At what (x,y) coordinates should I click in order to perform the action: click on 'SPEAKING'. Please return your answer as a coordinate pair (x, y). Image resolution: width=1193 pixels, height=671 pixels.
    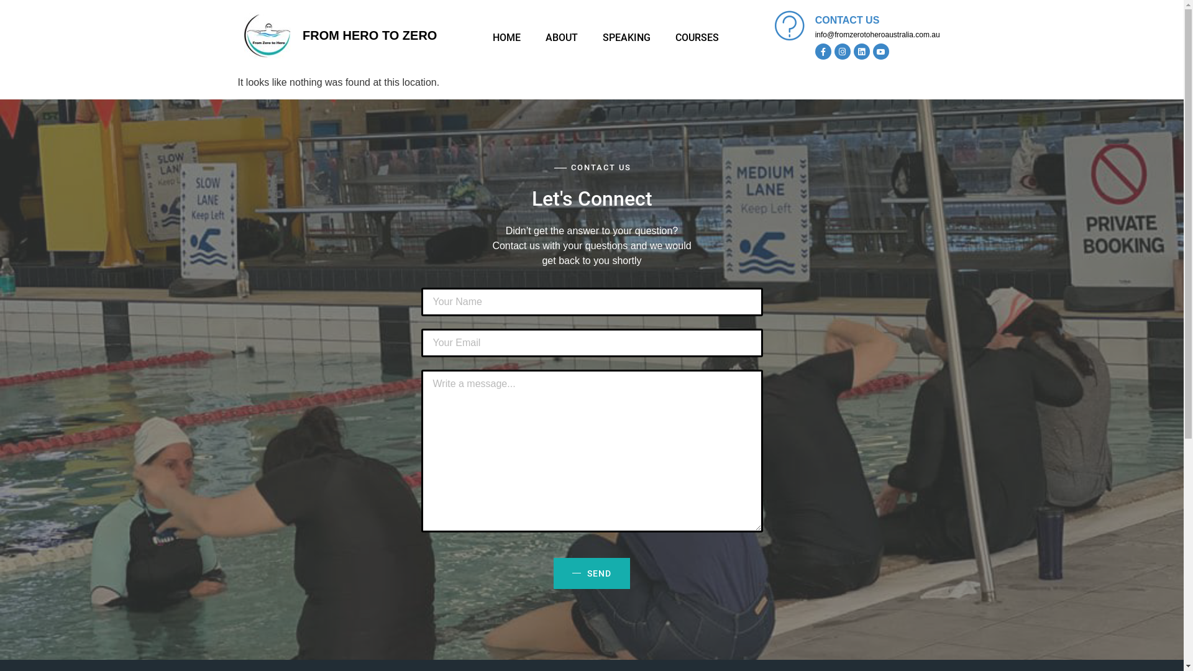
    Looking at the image, I should click on (626, 37).